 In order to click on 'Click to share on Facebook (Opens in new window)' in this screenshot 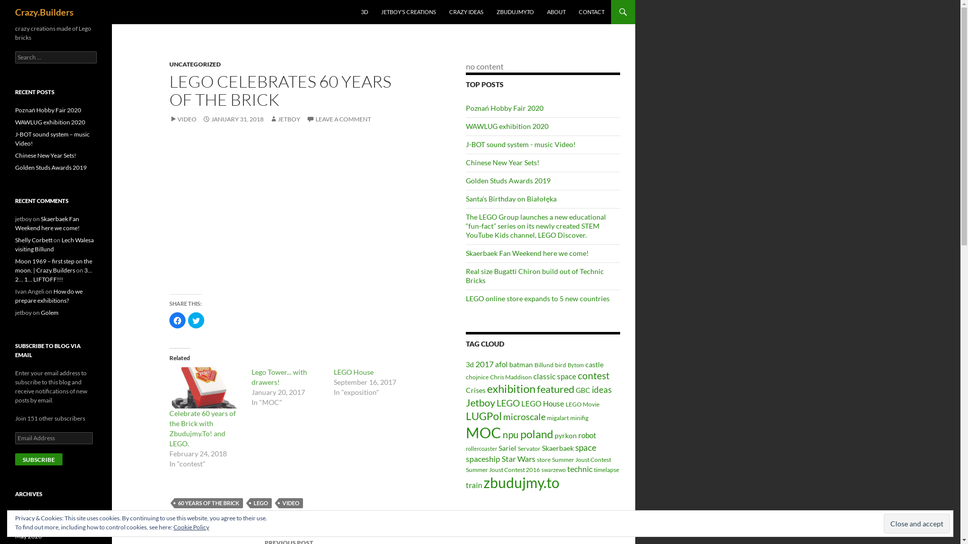, I will do `click(169, 320)`.